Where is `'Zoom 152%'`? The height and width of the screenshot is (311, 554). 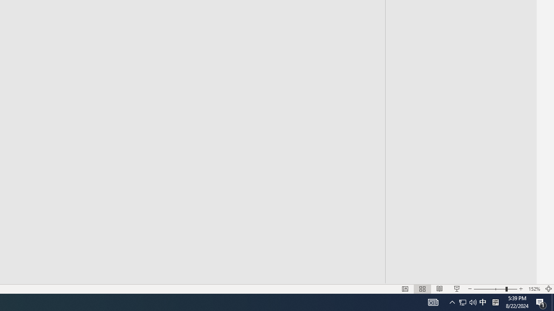
'Zoom 152%' is located at coordinates (534, 289).